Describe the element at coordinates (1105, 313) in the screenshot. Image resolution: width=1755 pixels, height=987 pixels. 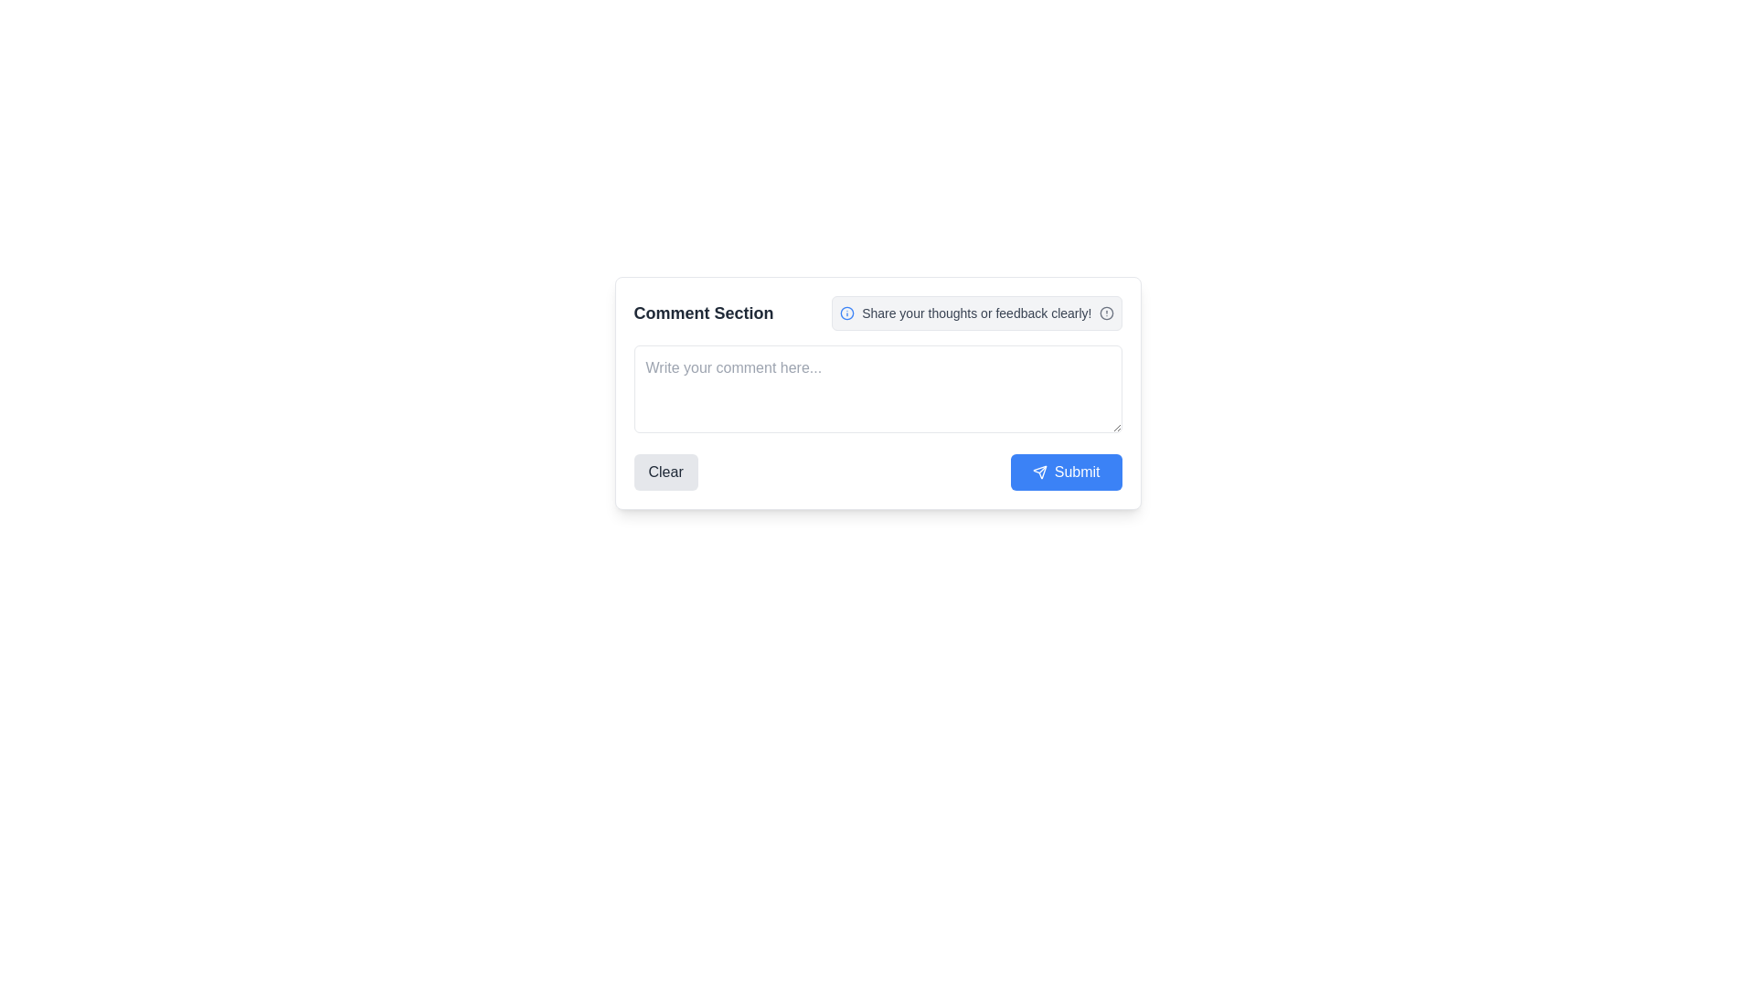
I see `the small circle at the top part of the alert icon, which is styled as part of a warning symbol` at that location.